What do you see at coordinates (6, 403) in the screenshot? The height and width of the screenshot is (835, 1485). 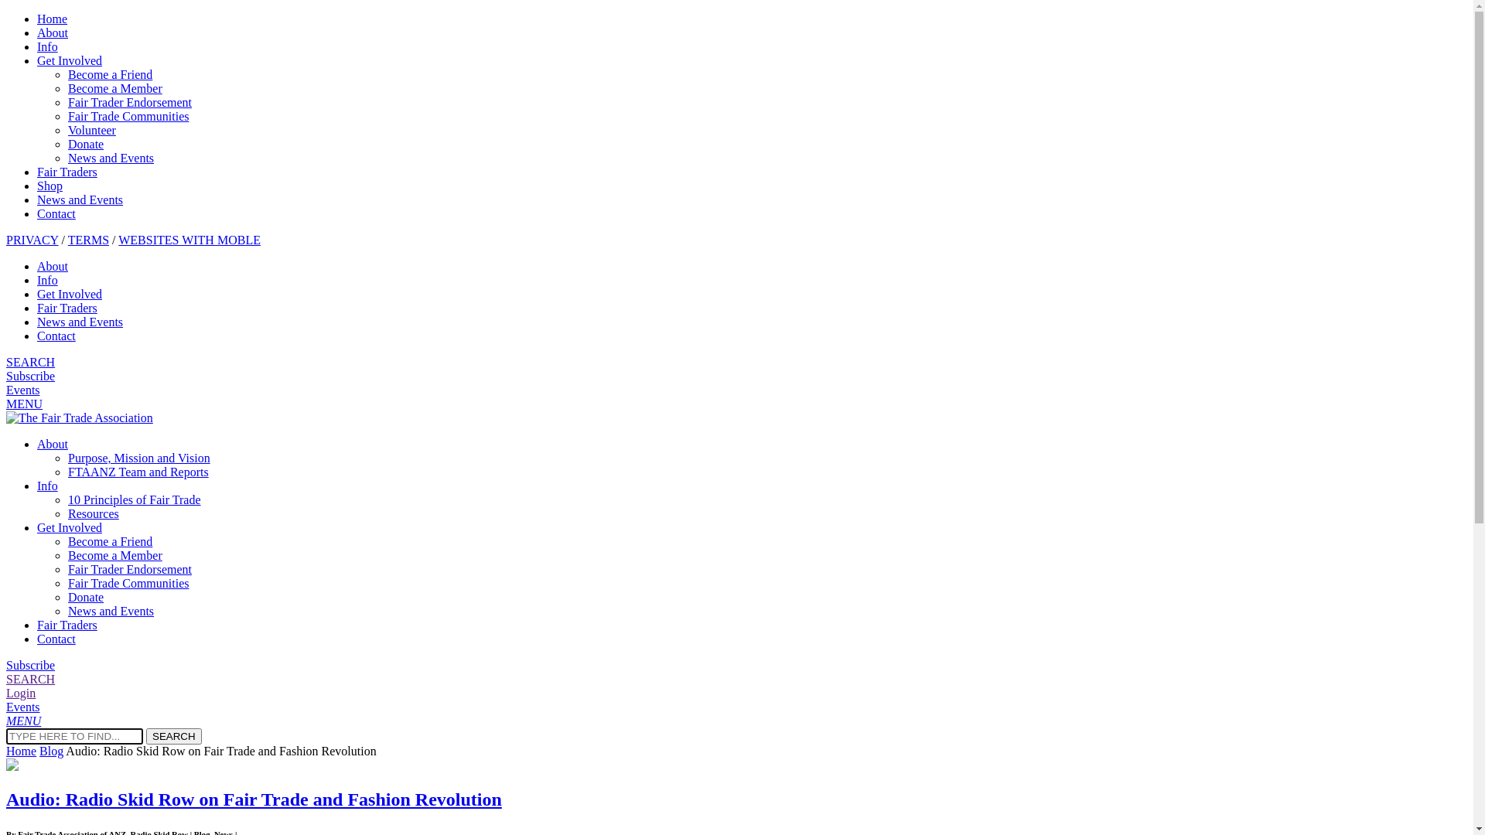 I see `'MENU'` at bounding box center [6, 403].